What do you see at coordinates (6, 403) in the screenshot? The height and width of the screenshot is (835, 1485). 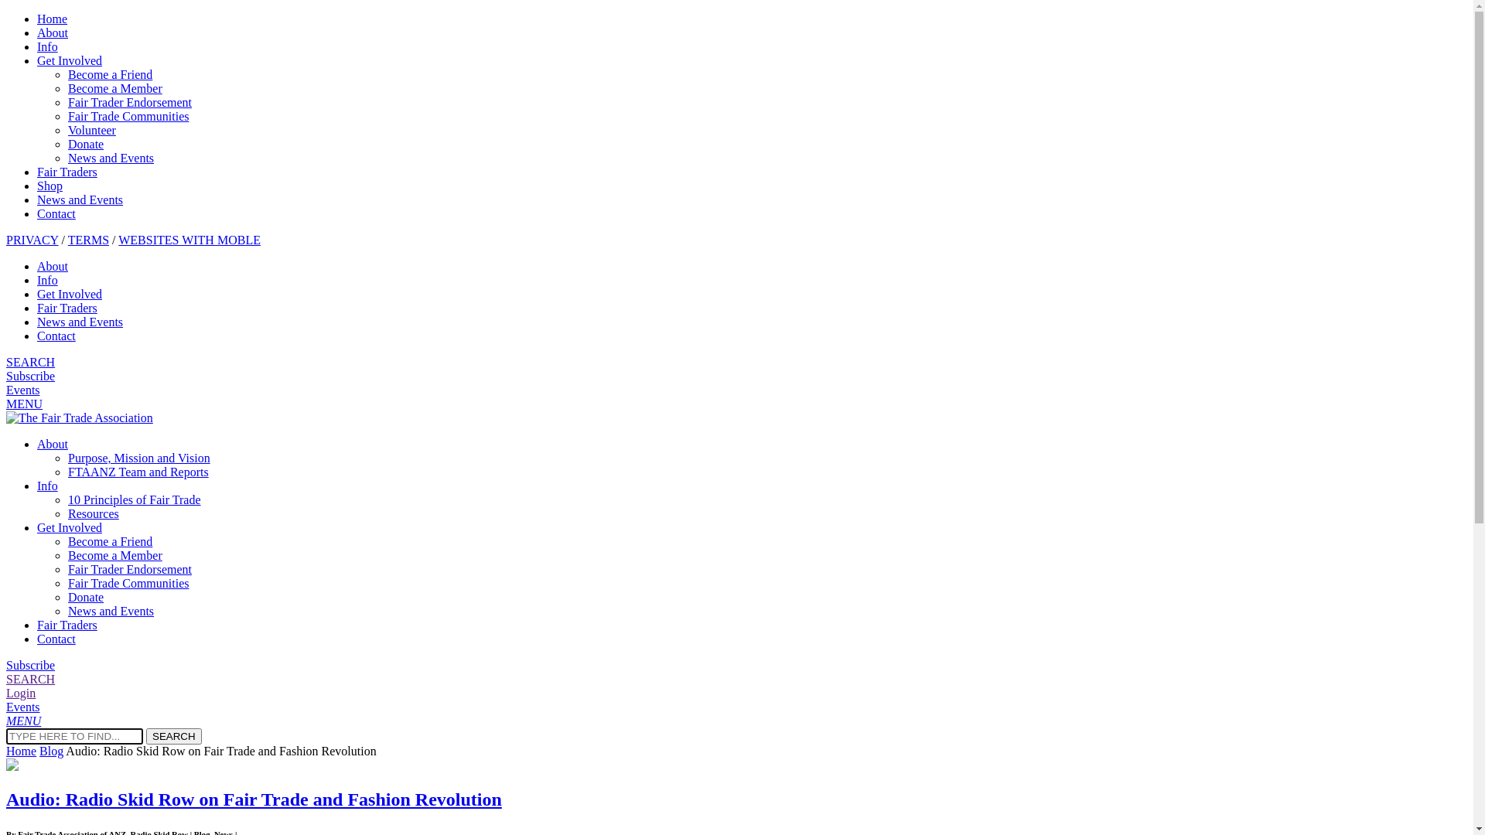 I see `'MENU'` at bounding box center [6, 403].